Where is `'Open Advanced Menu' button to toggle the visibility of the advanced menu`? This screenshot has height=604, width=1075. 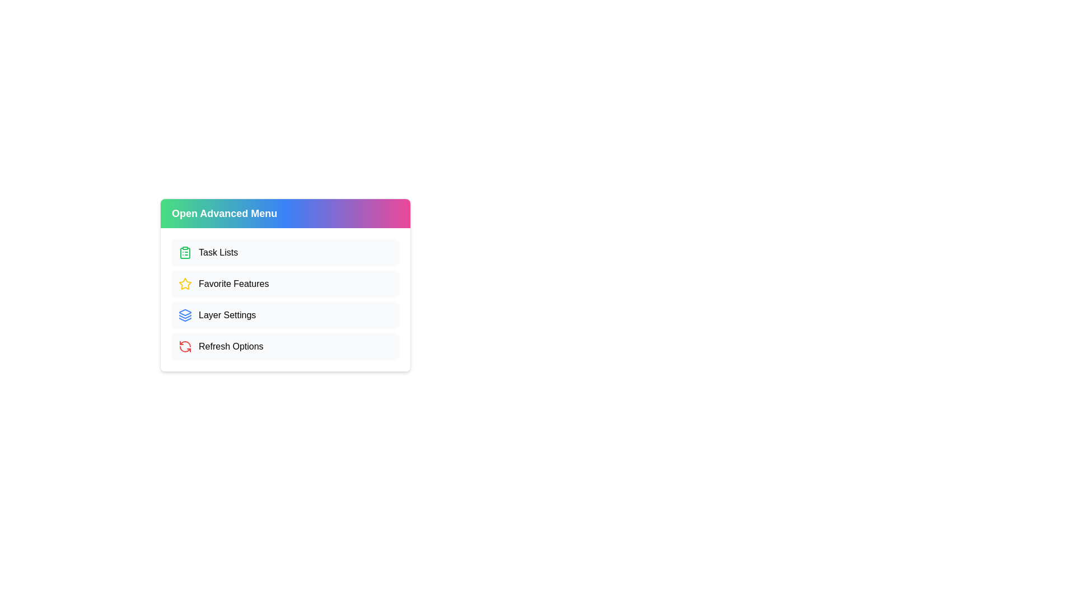
'Open Advanced Menu' button to toggle the visibility of the advanced menu is located at coordinates (285, 213).